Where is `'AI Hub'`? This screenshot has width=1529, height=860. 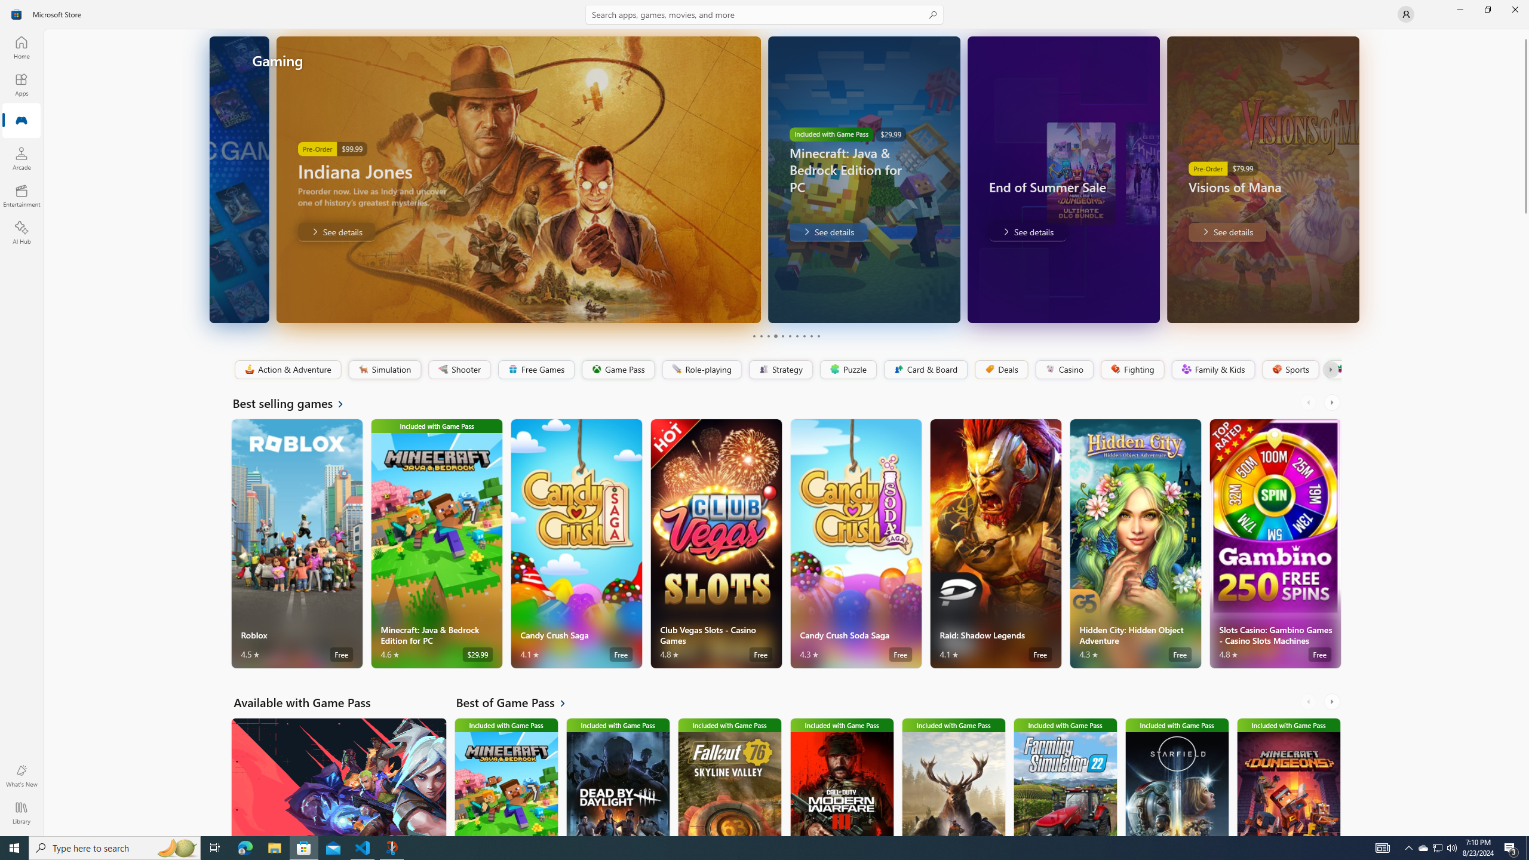 'AI Hub' is located at coordinates (20, 232).